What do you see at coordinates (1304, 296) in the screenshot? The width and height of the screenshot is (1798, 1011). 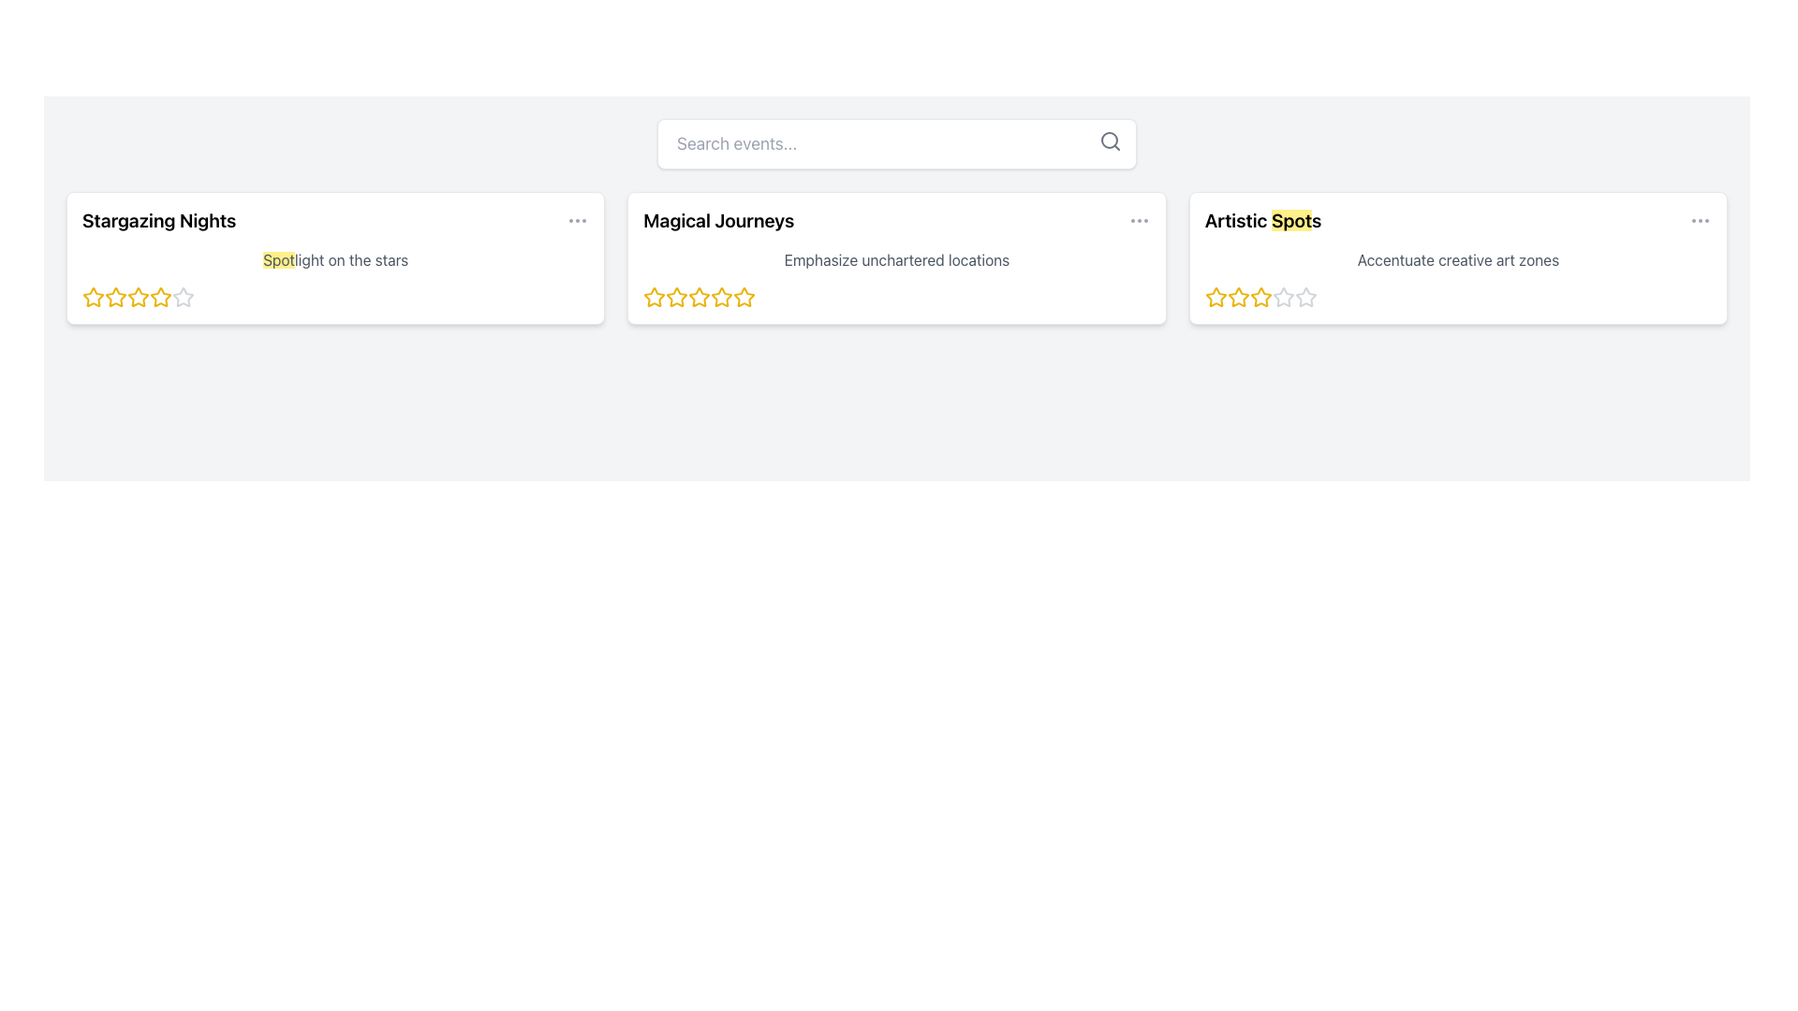 I see `the fifth star icon in the five-star rating system, which is currently inactive or unrated, directly below the text 'Artistic Spots' in the third card` at bounding box center [1304, 296].